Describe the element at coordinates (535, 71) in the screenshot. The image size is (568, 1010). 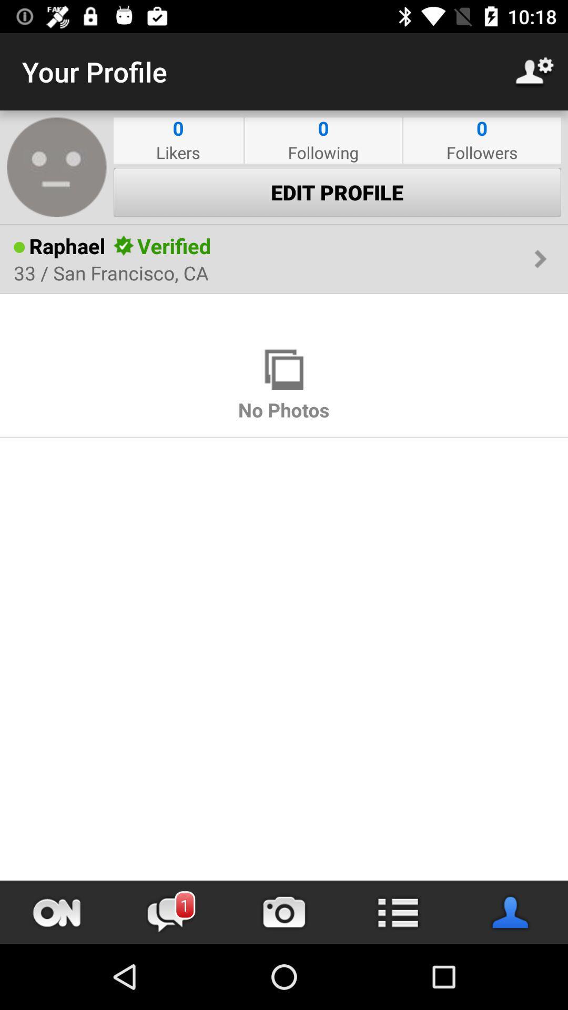
I see `icon next to your profile icon` at that location.